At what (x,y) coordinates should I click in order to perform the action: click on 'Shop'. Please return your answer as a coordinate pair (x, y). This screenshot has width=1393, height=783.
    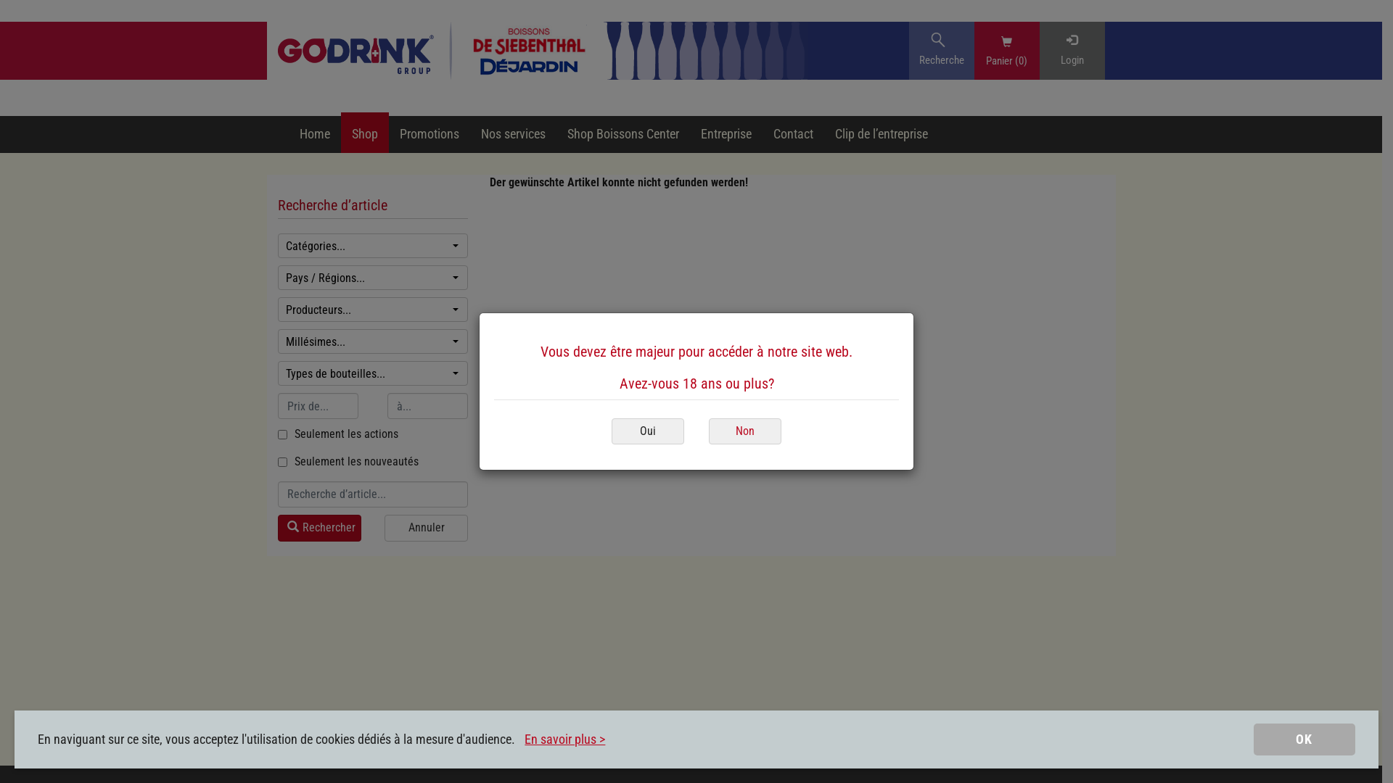
    Looking at the image, I should click on (365, 134).